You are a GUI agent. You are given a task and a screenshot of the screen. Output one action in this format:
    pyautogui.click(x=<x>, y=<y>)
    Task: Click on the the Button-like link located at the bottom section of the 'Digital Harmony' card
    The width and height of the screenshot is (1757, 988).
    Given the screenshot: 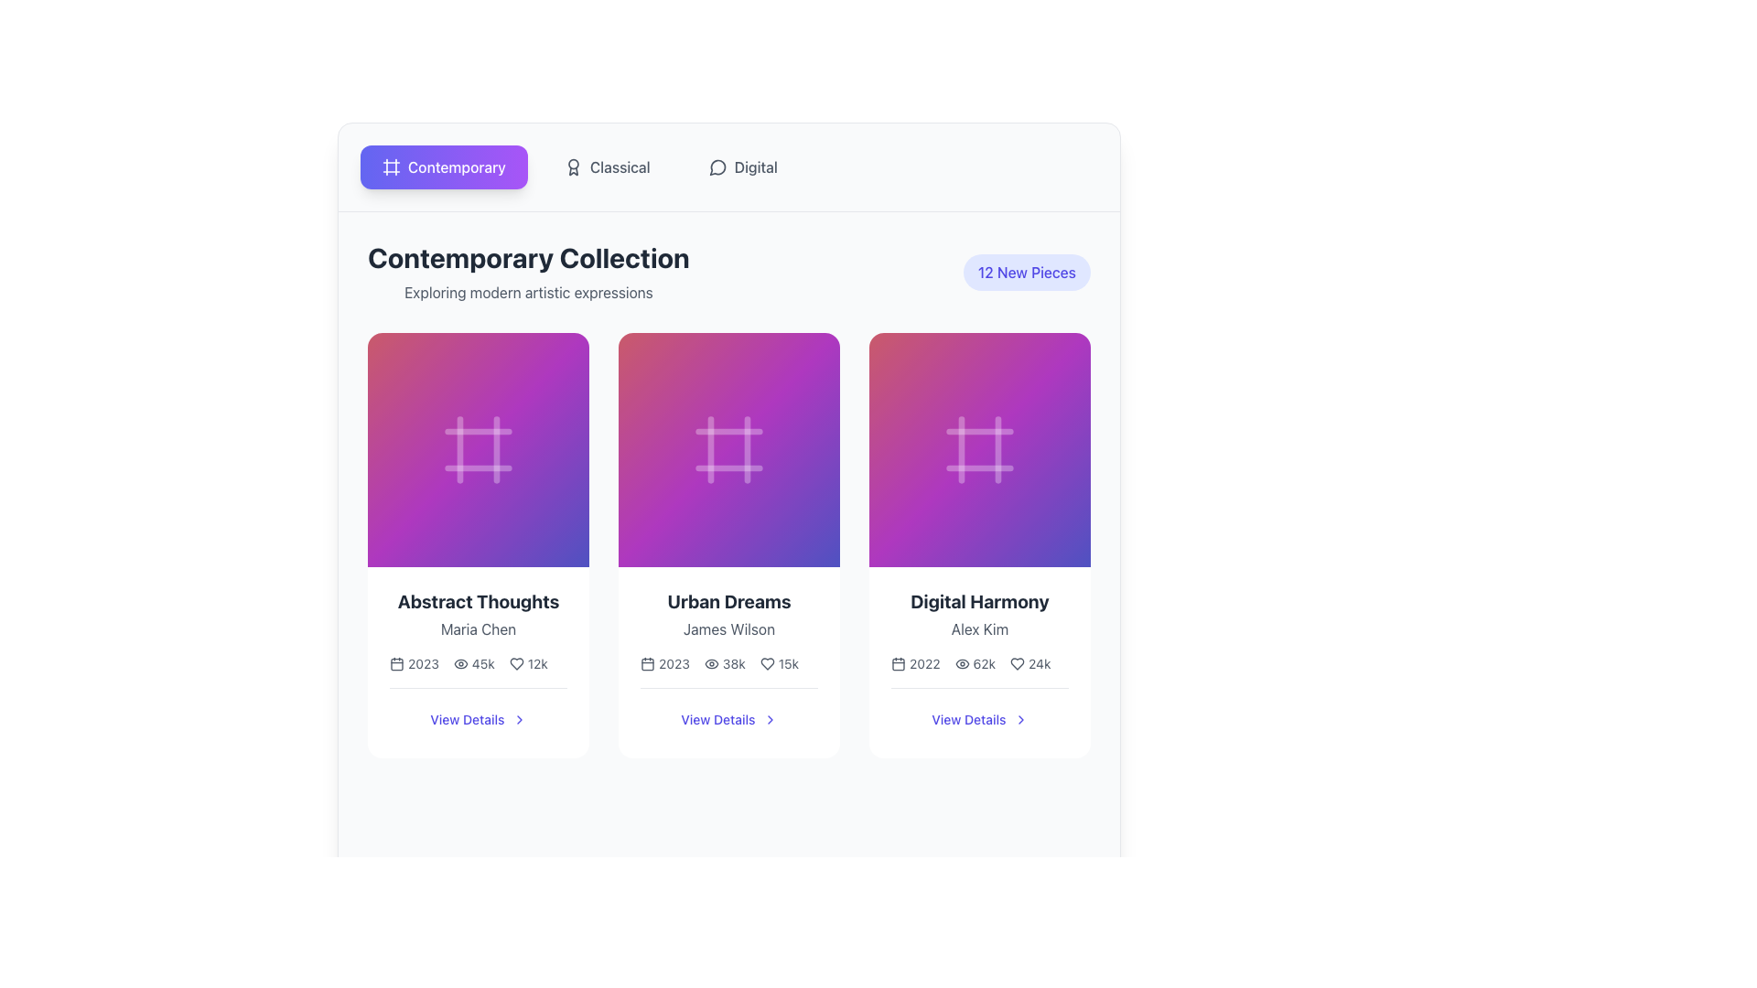 What is the action you would take?
    pyautogui.click(x=978, y=718)
    